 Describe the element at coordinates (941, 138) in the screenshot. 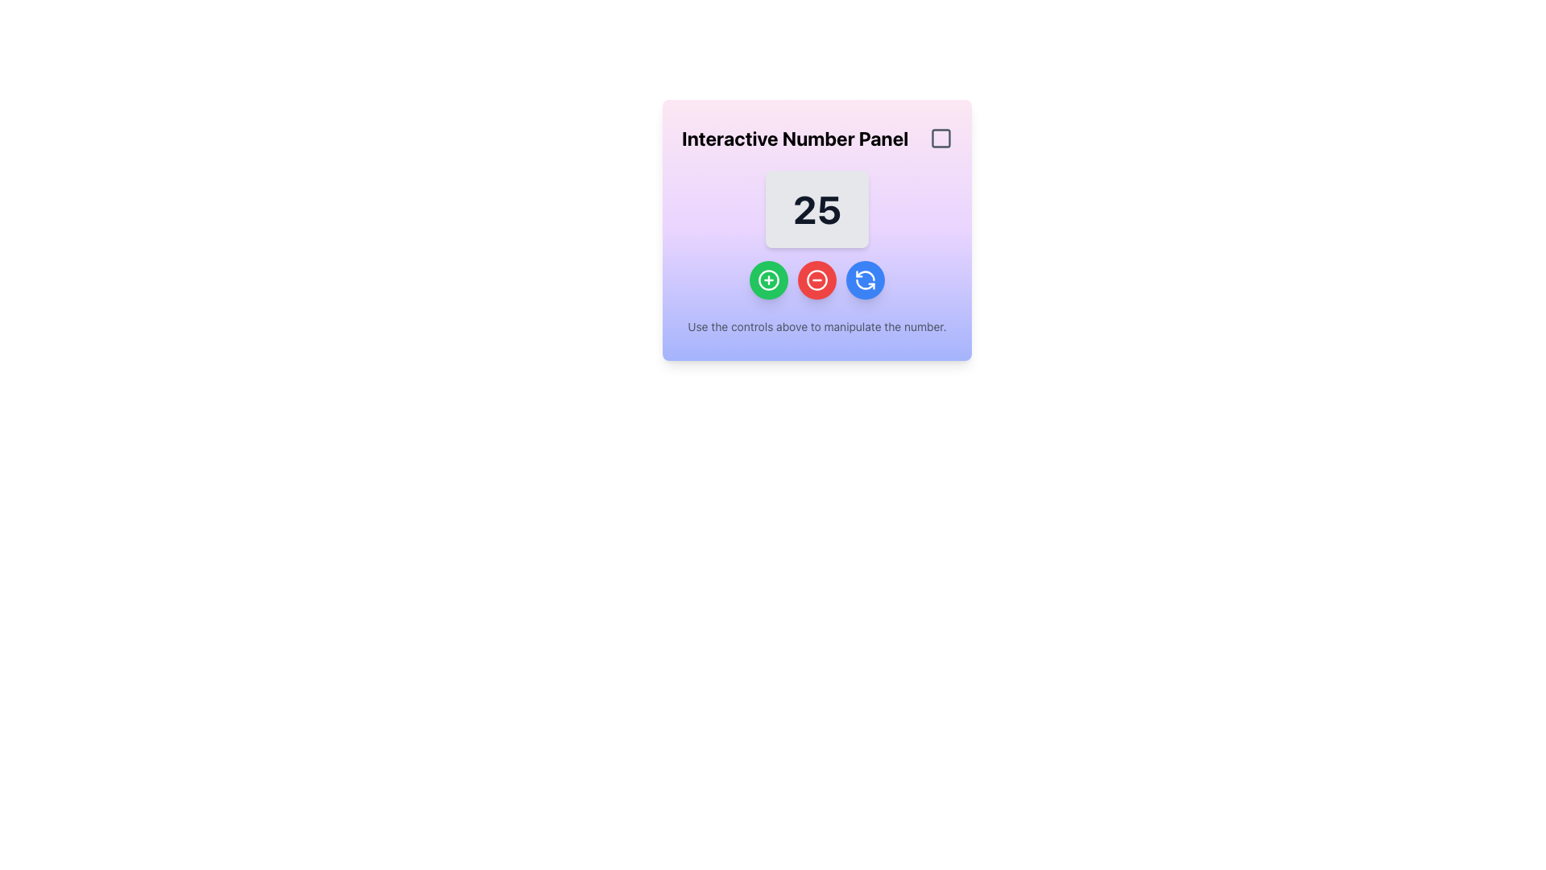

I see `the small, square button with rounded corners located in the header area of the 'Interactive Number Panel', adjacent to the title text` at that location.